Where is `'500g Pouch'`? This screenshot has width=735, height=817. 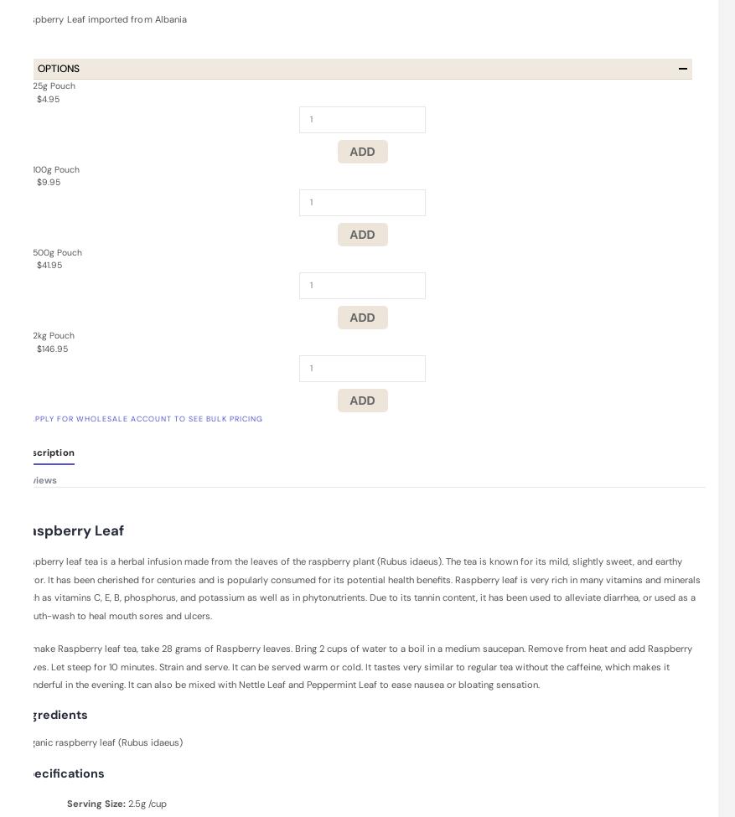 '500g Pouch' is located at coordinates (57, 251).